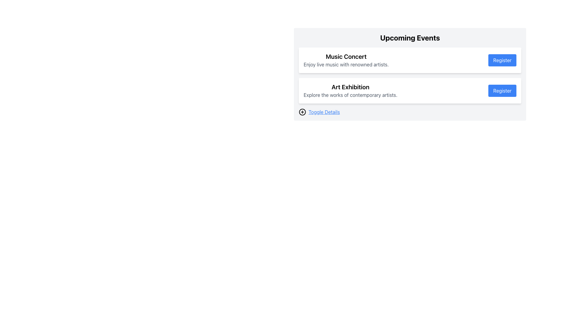 This screenshot has height=329, width=586. I want to click on the interactive toggle icon located to the left of the 'Toggle Details' text, so click(302, 112).